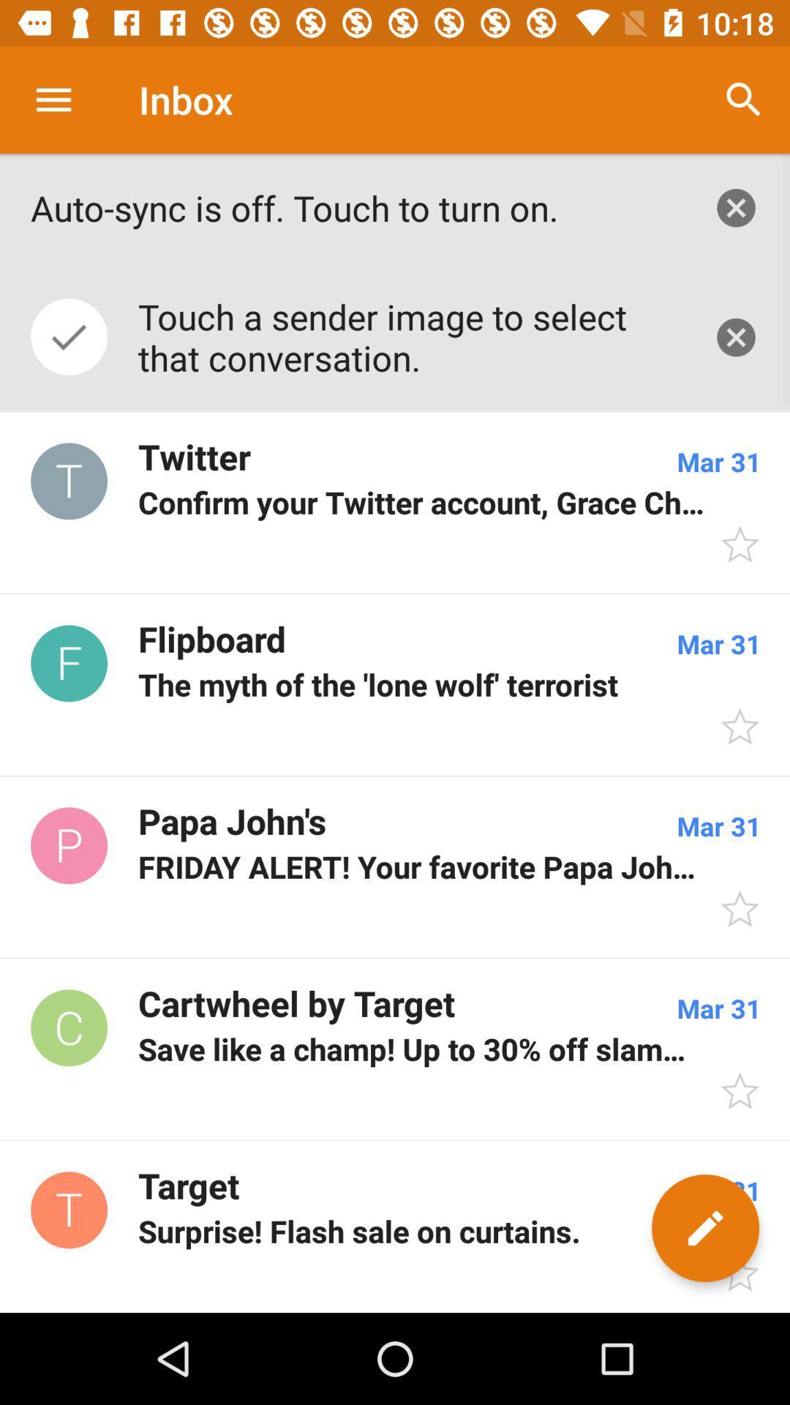  I want to click on the edit icon, so click(704, 1228).